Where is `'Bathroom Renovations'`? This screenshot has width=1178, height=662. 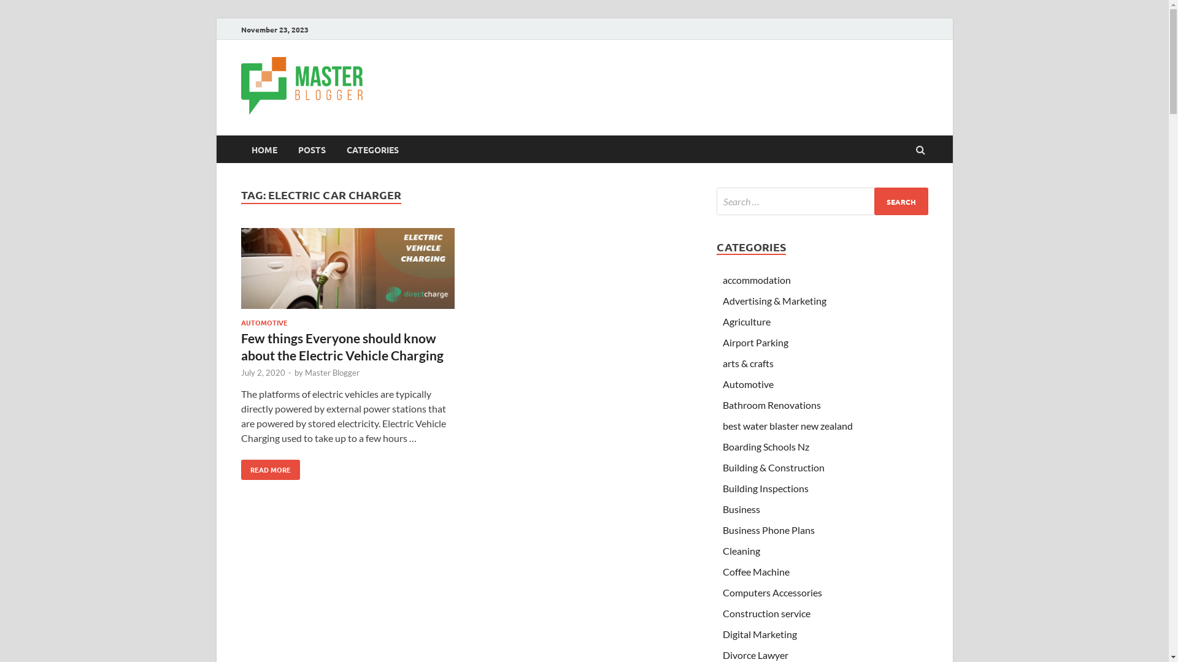
'Bathroom Renovations' is located at coordinates (771, 405).